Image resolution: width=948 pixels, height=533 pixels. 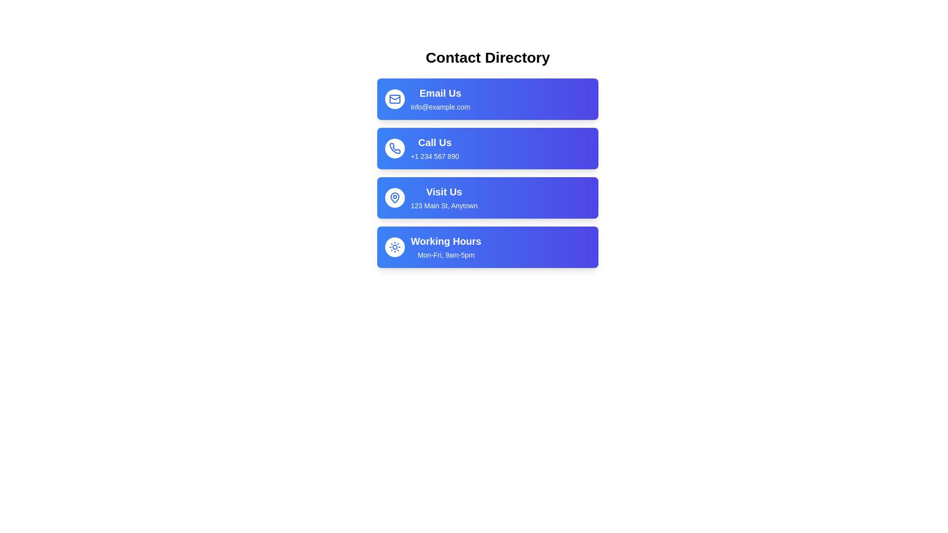 I want to click on the text label that serves as a title for email communication, positioned above 'info@example.com' and adjacent to the envelope icon on the left, so click(x=440, y=93).